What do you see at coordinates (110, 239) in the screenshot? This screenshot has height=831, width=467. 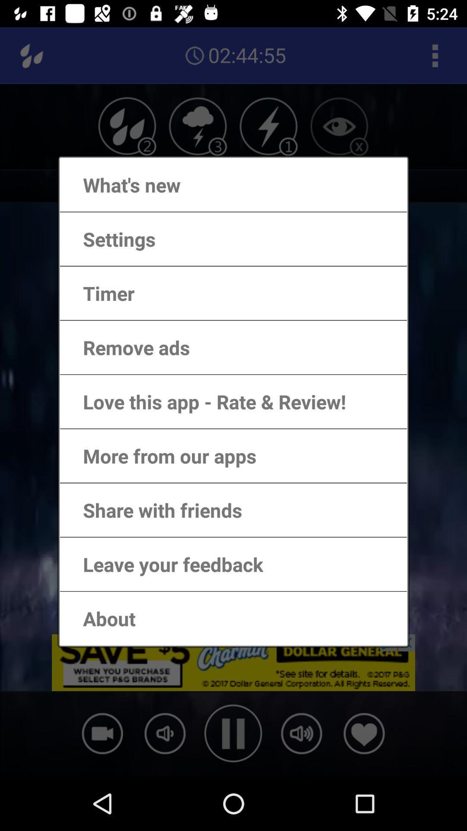 I see `the settings item` at bounding box center [110, 239].